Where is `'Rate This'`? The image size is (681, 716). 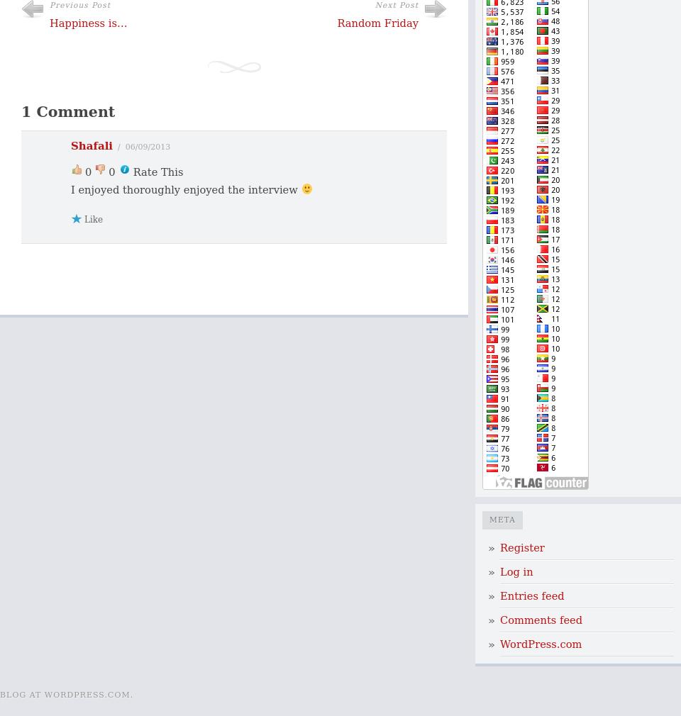
'Rate This' is located at coordinates (133, 170).